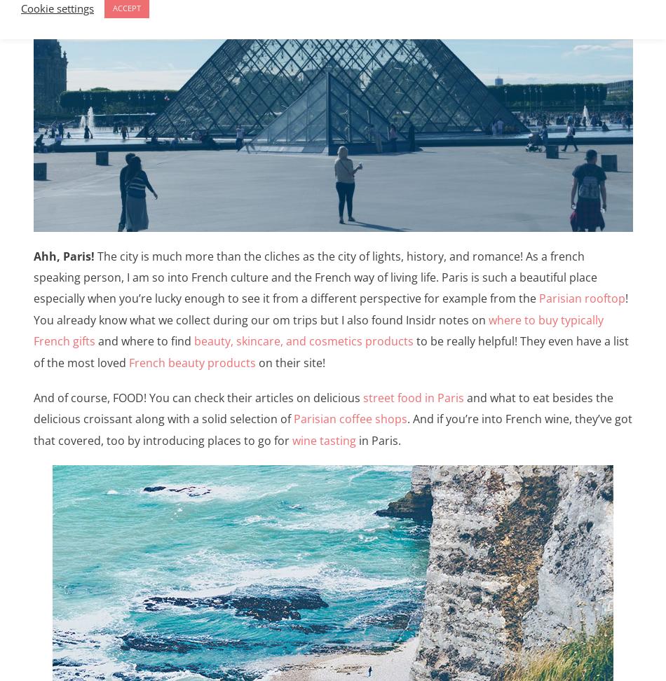 The image size is (666, 681). I want to click on 'ACCEPT', so click(113, 8).